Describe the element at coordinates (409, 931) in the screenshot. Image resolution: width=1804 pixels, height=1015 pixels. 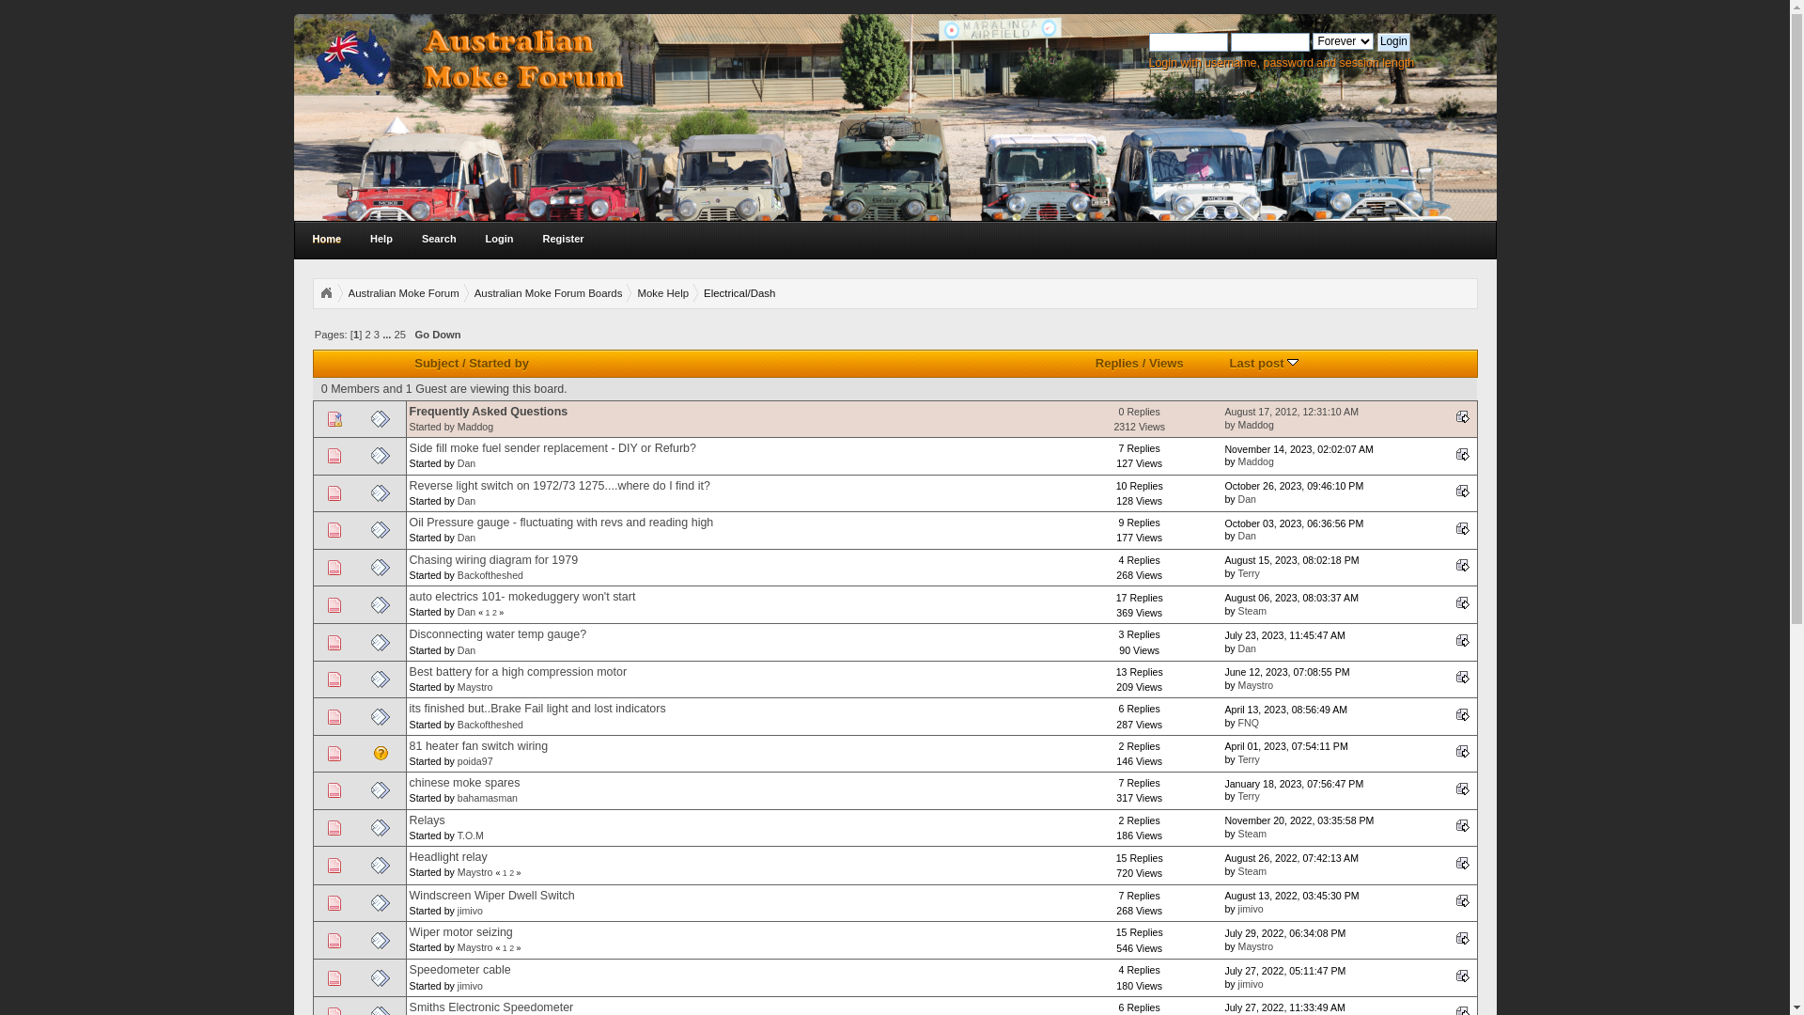
I see `'Wiper motor seizing'` at that location.